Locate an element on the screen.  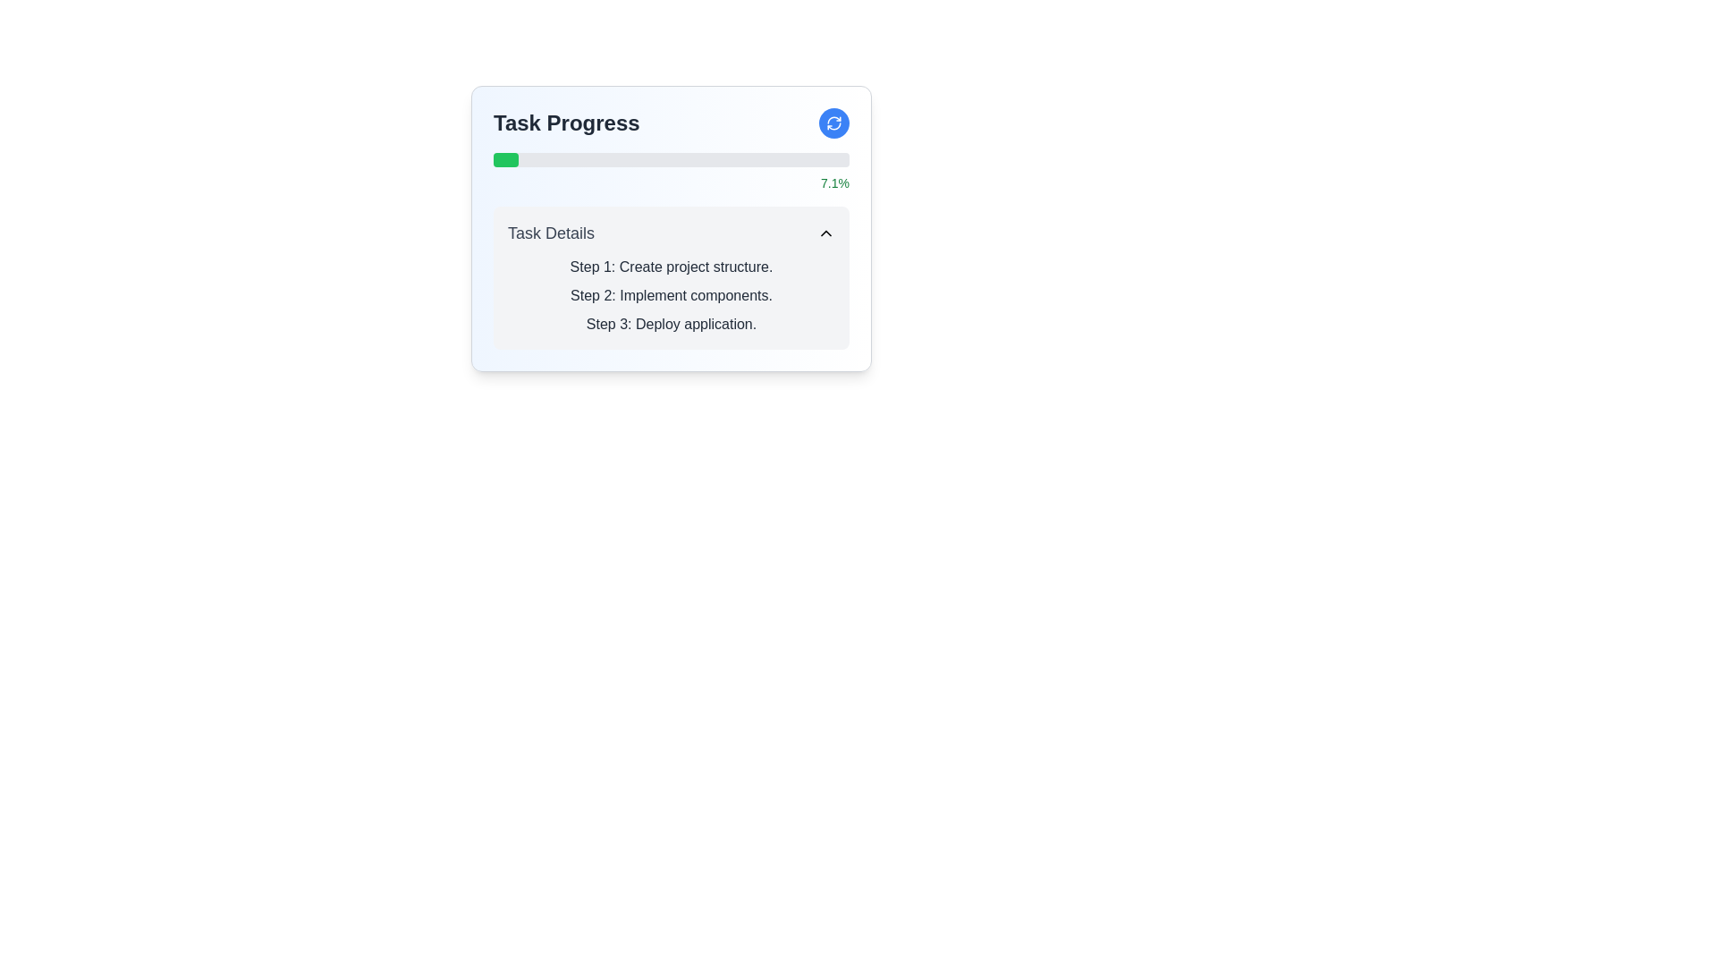
textual label that reads 'Step 2: Implement components.' which is the second item in the 'Task Details' section, positioned between 'Step 1: Create project structure.' and 'Step 3: Deploy application.' is located at coordinates (670, 295).